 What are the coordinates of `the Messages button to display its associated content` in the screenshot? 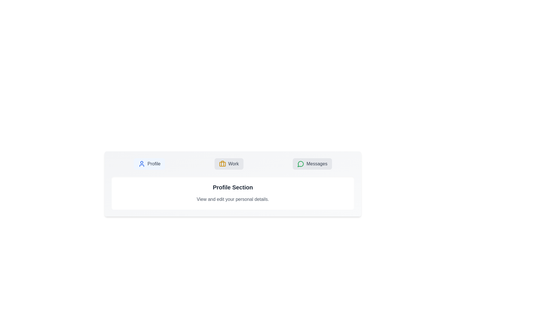 It's located at (312, 164).